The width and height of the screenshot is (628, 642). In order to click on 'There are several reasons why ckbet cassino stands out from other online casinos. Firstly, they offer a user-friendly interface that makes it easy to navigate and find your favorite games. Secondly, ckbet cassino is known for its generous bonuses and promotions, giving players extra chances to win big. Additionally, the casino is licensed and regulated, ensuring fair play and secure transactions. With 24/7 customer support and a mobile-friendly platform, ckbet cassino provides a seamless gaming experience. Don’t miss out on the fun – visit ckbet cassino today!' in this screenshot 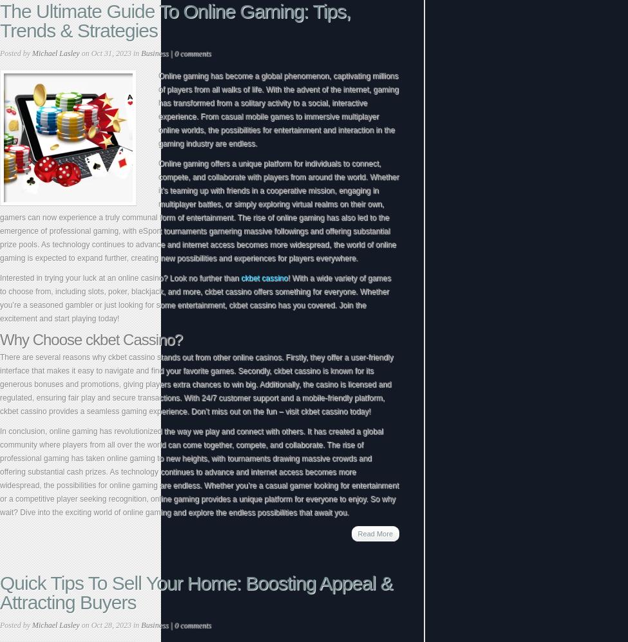, I will do `click(195, 384)`.